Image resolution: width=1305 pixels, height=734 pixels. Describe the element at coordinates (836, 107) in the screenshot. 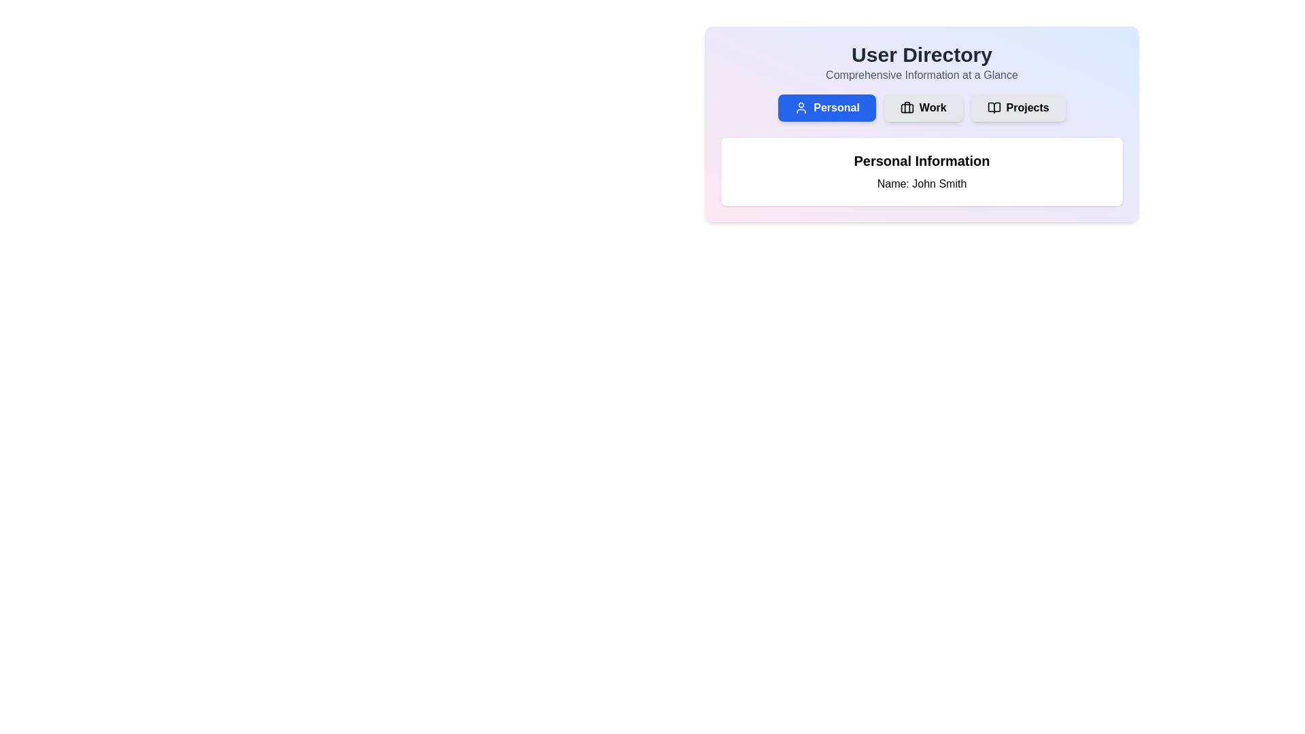

I see `the 'Personal' text label, which is styled in white on a blue background and is located at the top left corner of the first button in a button group near the top-center of the interface` at that location.